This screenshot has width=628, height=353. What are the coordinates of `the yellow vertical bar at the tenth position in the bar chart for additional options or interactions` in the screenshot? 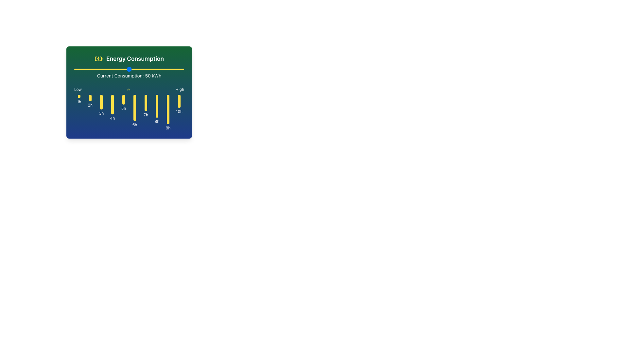 It's located at (179, 101).